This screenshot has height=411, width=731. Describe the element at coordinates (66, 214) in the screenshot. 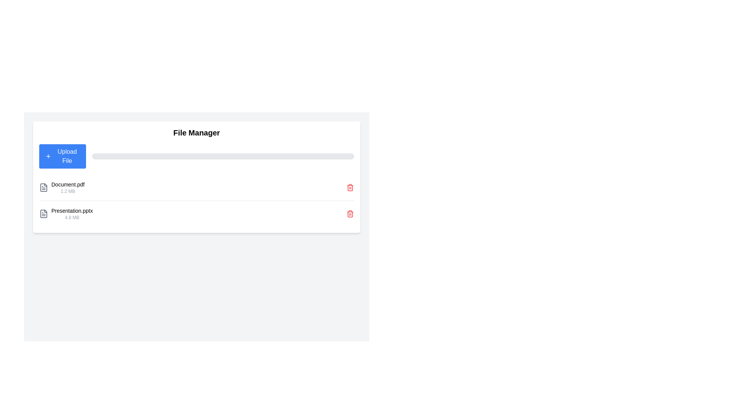

I see `the File entry located under 'Document.pdf' in the file manager interface, which allows for viewing file details or performing actions` at that location.